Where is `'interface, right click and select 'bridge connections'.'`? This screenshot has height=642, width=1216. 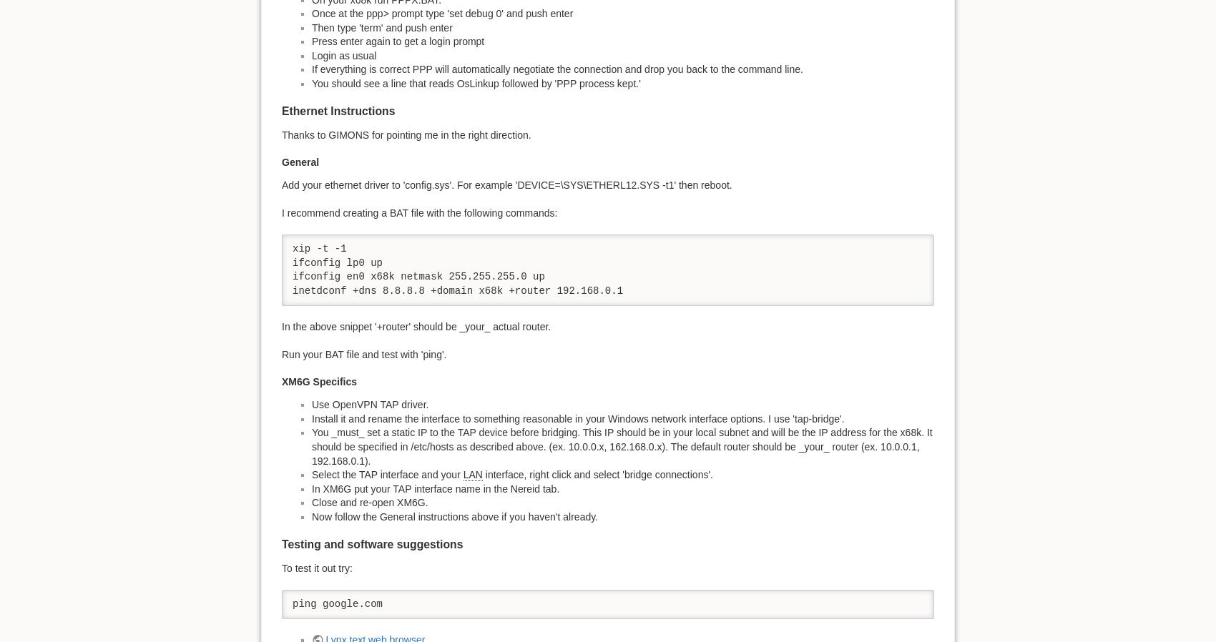 'interface, right click and select 'bridge connections'.' is located at coordinates (597, 473).